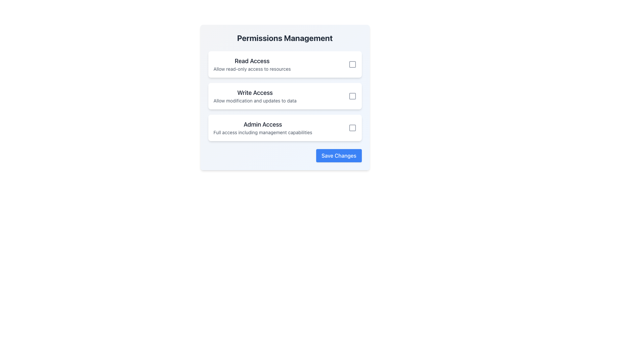 The width and height of the screenshot is (635, 357). What do you see at coordinates (255, 100) in the screenshot?
I see `the explanatory text element located beneath the 'Write Access' heading in the permissions management interface` at bounding box center [255, 100].